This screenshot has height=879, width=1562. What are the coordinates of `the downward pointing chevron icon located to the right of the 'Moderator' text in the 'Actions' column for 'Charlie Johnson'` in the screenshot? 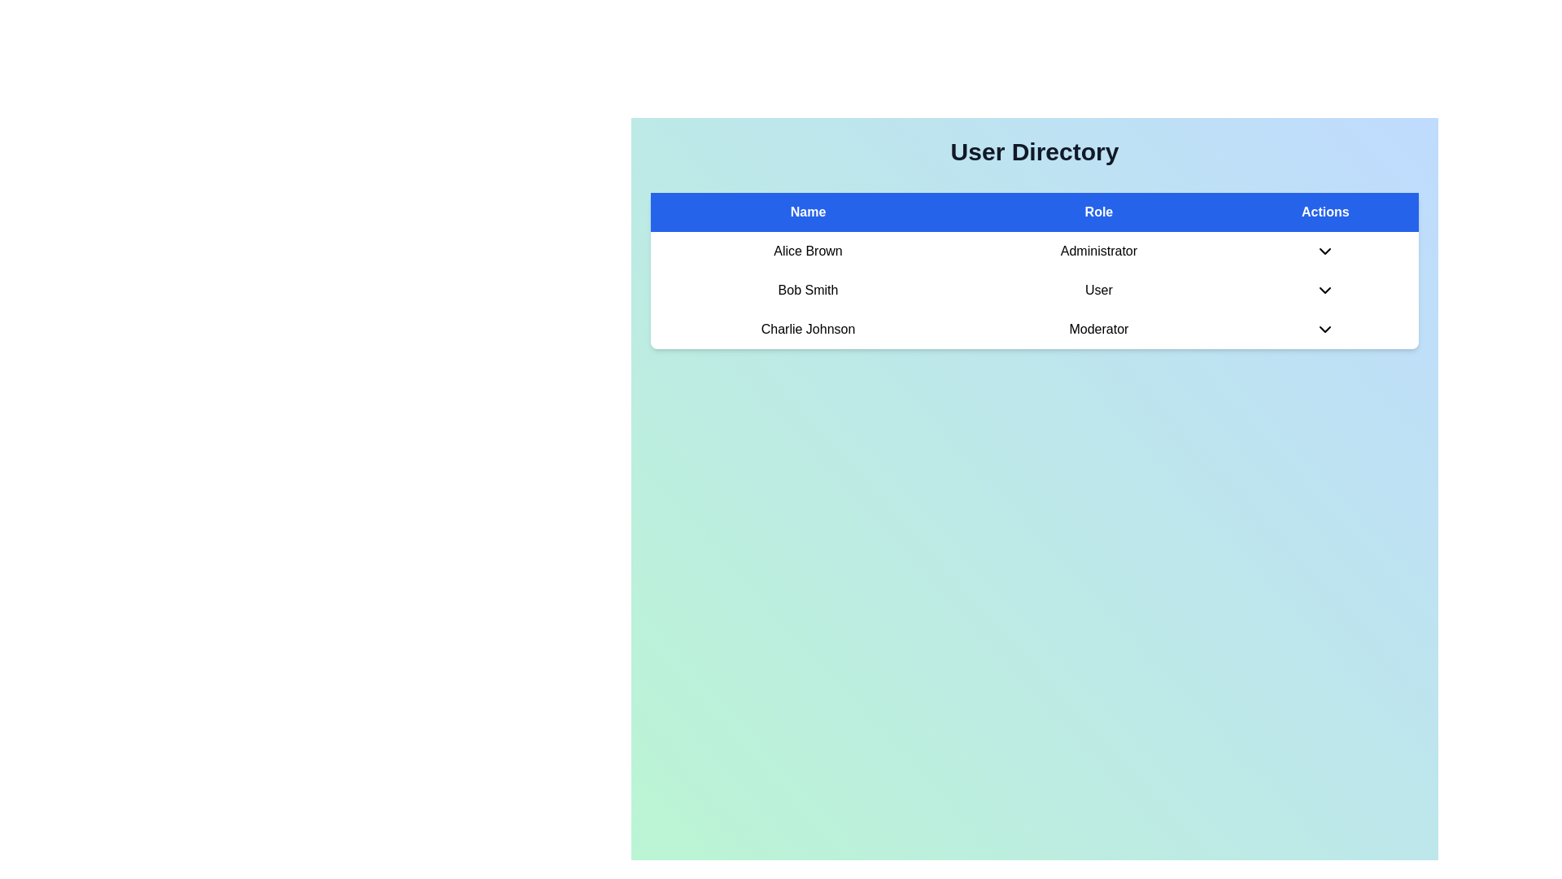 It's located at (1325, 330).